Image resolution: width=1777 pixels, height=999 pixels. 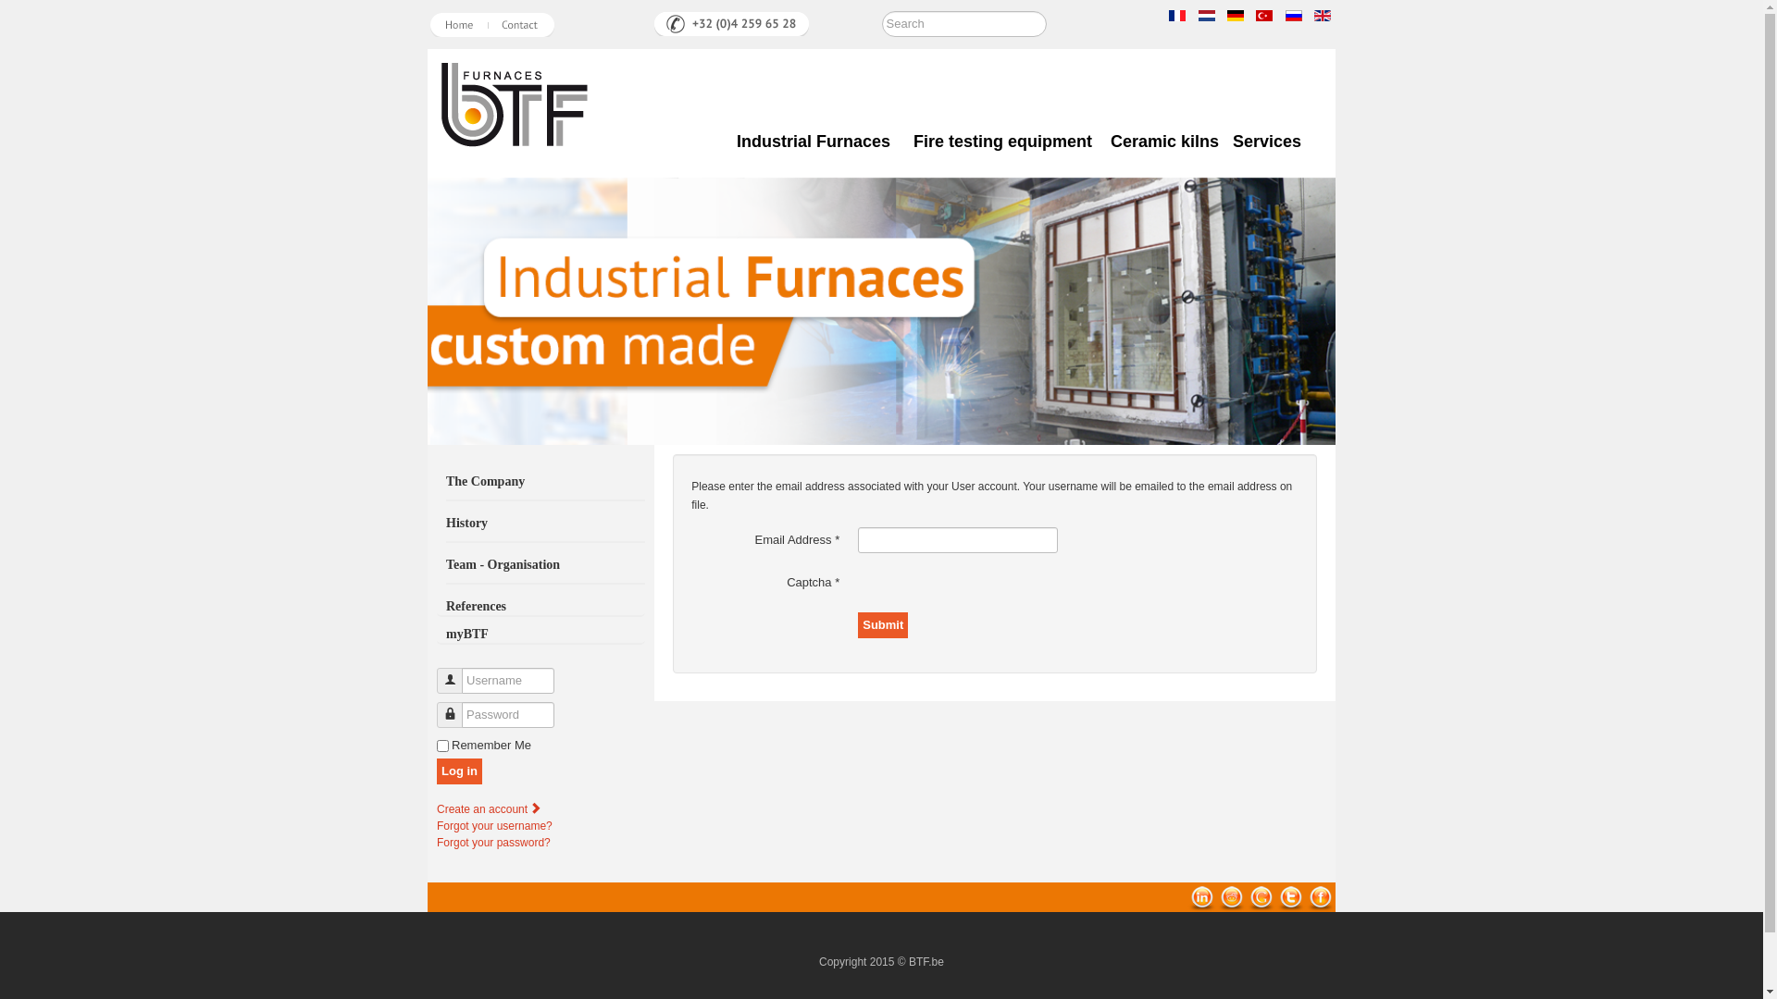 What do you see at coordinates (1163, 141) in the screenshot?
I see `'Ceramic kilns'` at bounding box center [1163, 141].